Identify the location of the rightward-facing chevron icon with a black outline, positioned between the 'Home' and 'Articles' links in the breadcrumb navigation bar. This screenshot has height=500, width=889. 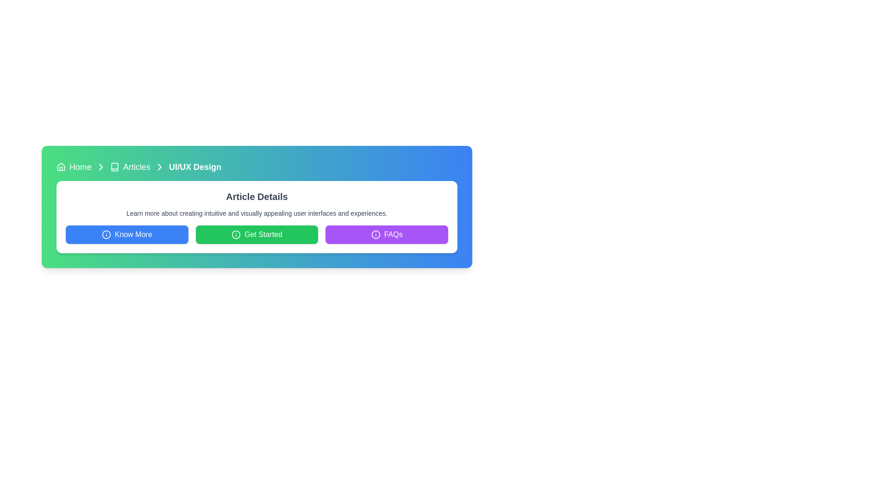
(101, 167).